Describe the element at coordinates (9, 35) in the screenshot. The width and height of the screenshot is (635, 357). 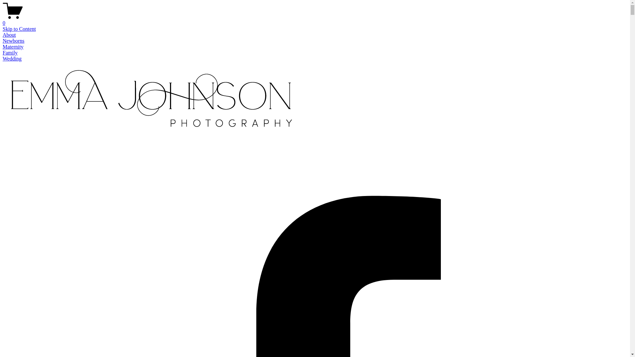
I see `'About'` at that location.